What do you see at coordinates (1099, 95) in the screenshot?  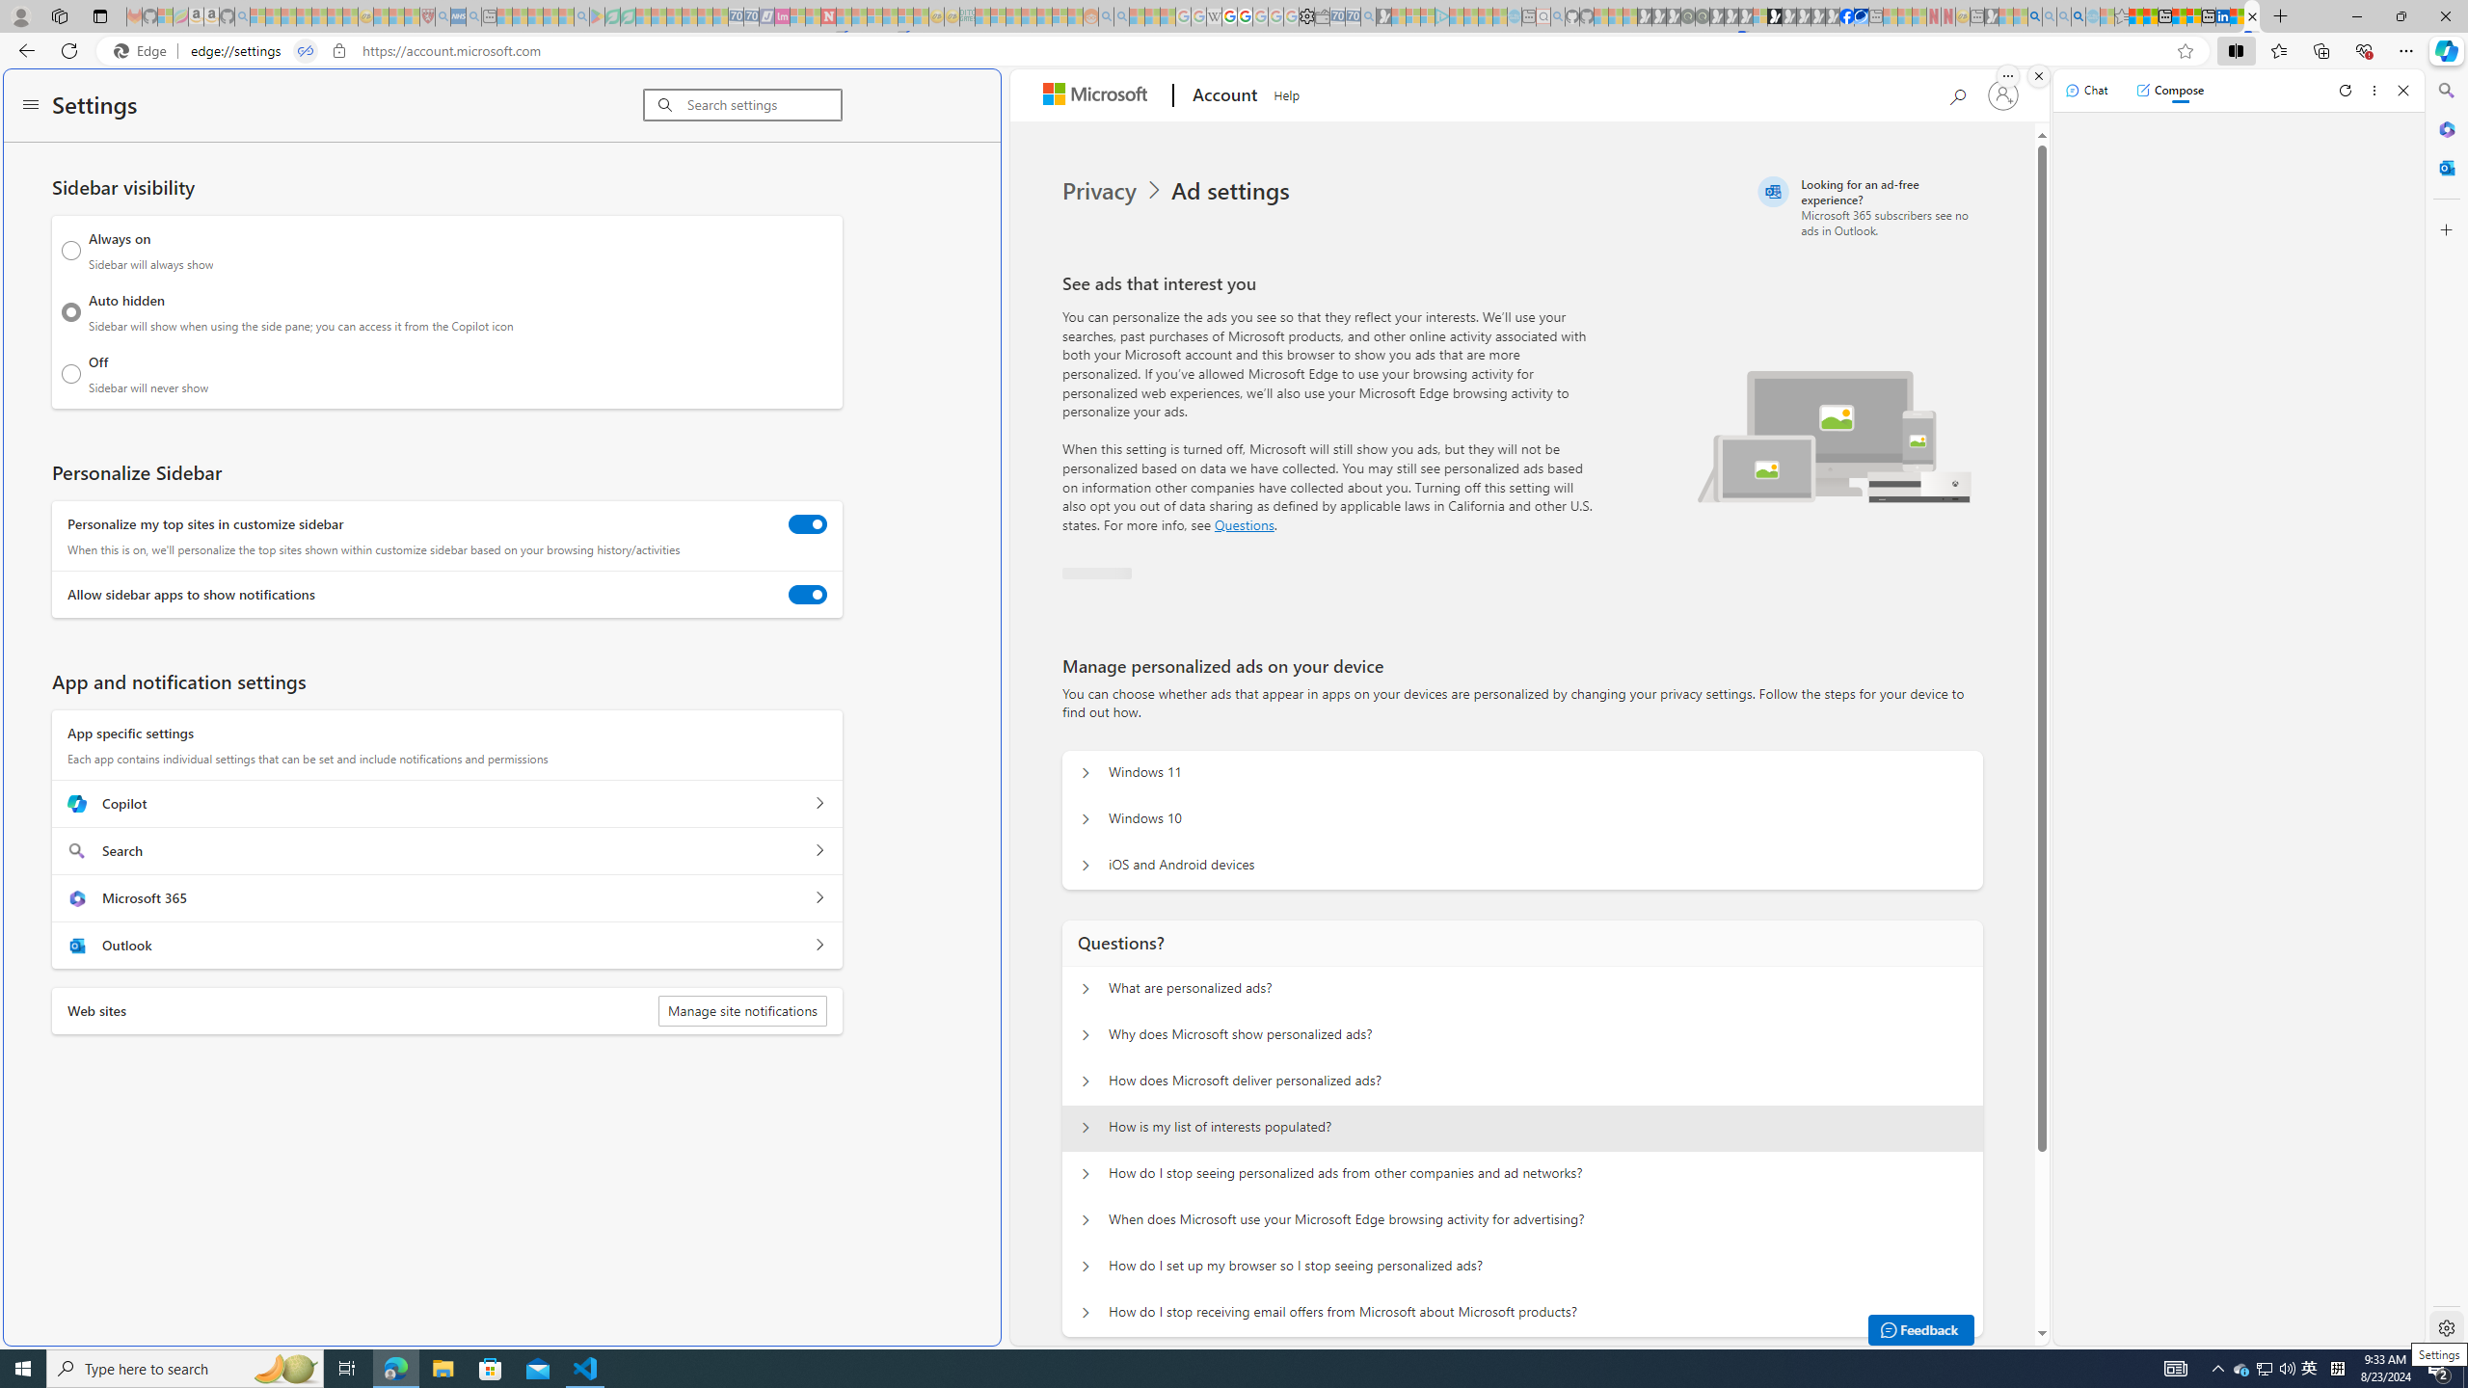 I see `'Microsoft'` at bounding box center [1099, 95].